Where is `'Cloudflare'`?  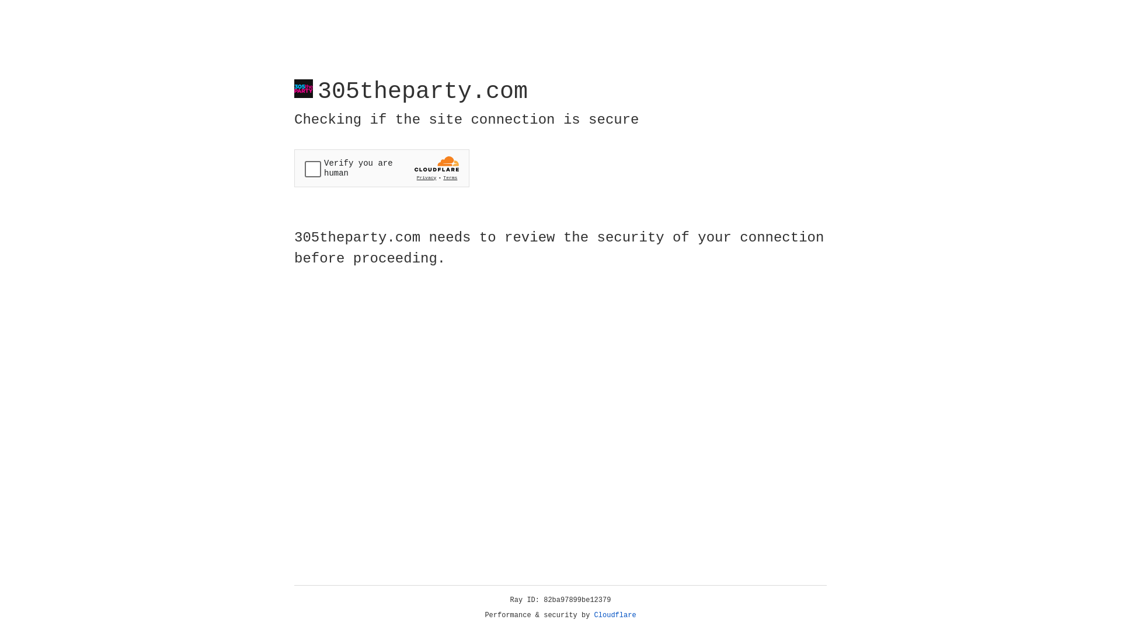
'Cloudflare' is located at coordinates (594, 615).